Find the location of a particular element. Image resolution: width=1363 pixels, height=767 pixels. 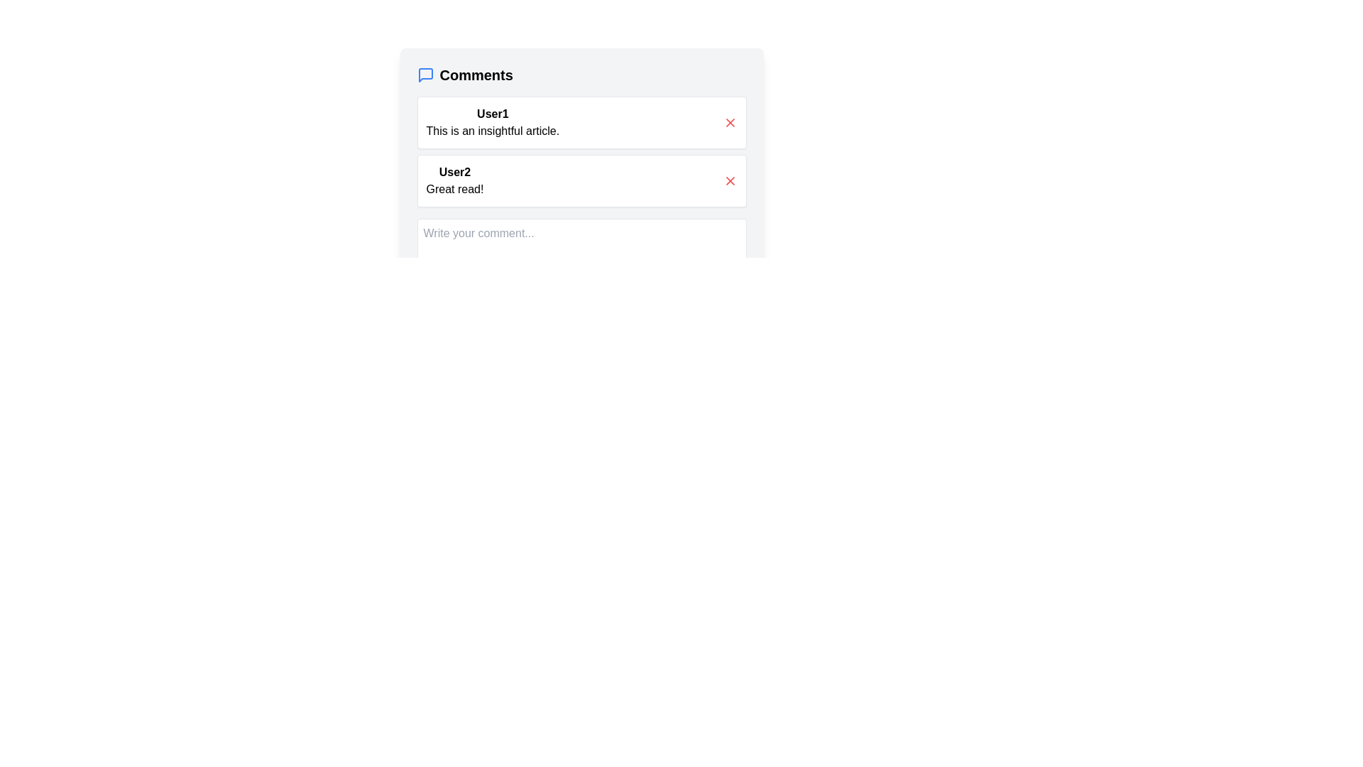

the small diagonal cross icon in the top-right corner of User1's comment box is located at coordinates (730, 122).